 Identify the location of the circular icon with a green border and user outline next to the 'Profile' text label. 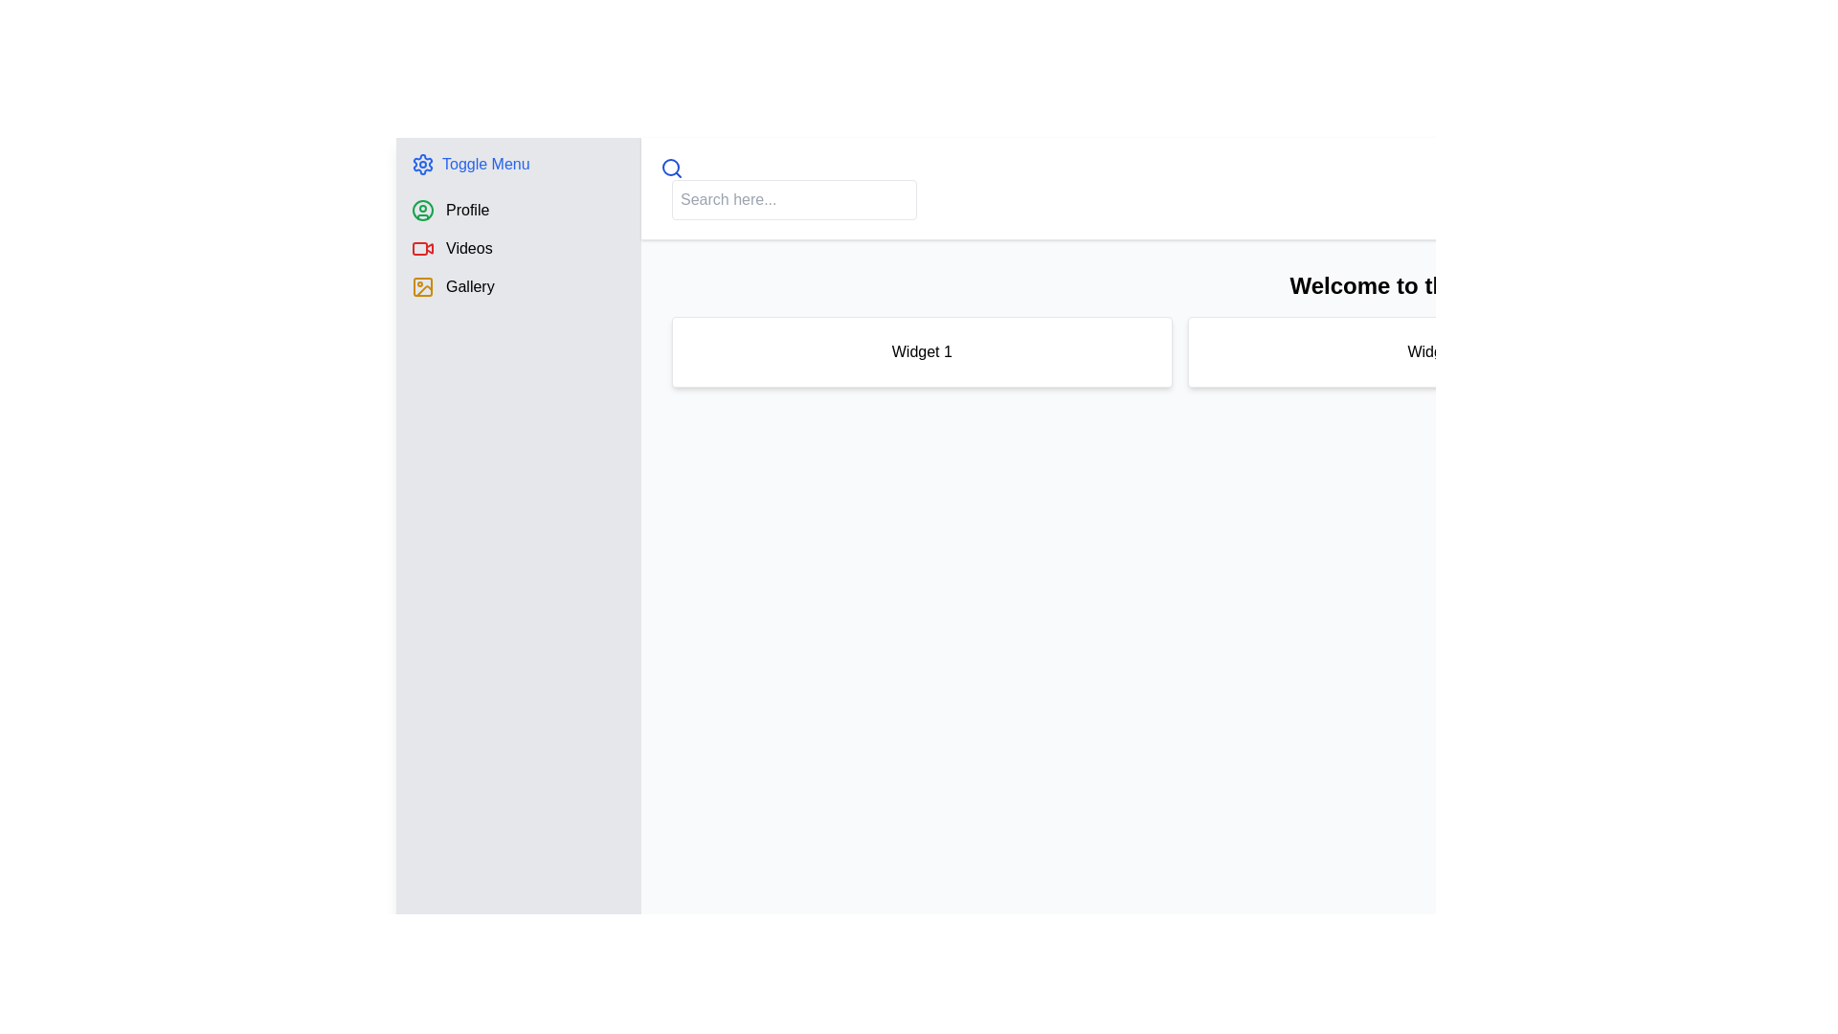
(421, 210).